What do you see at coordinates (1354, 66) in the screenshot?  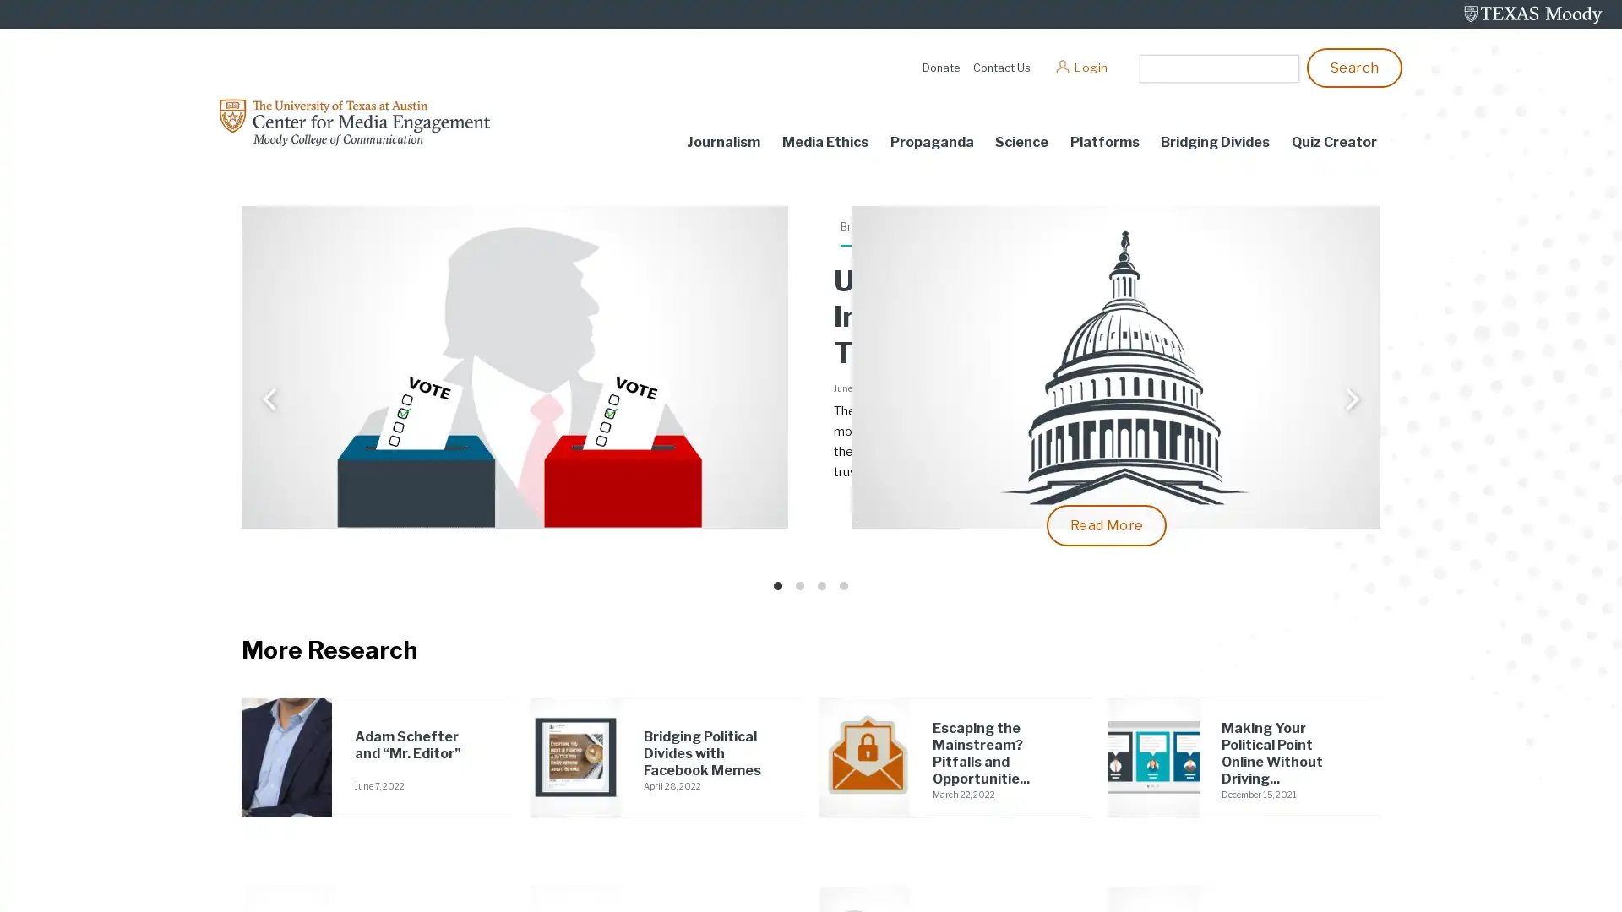 I see `Search` at bounding box center [1354, 66].